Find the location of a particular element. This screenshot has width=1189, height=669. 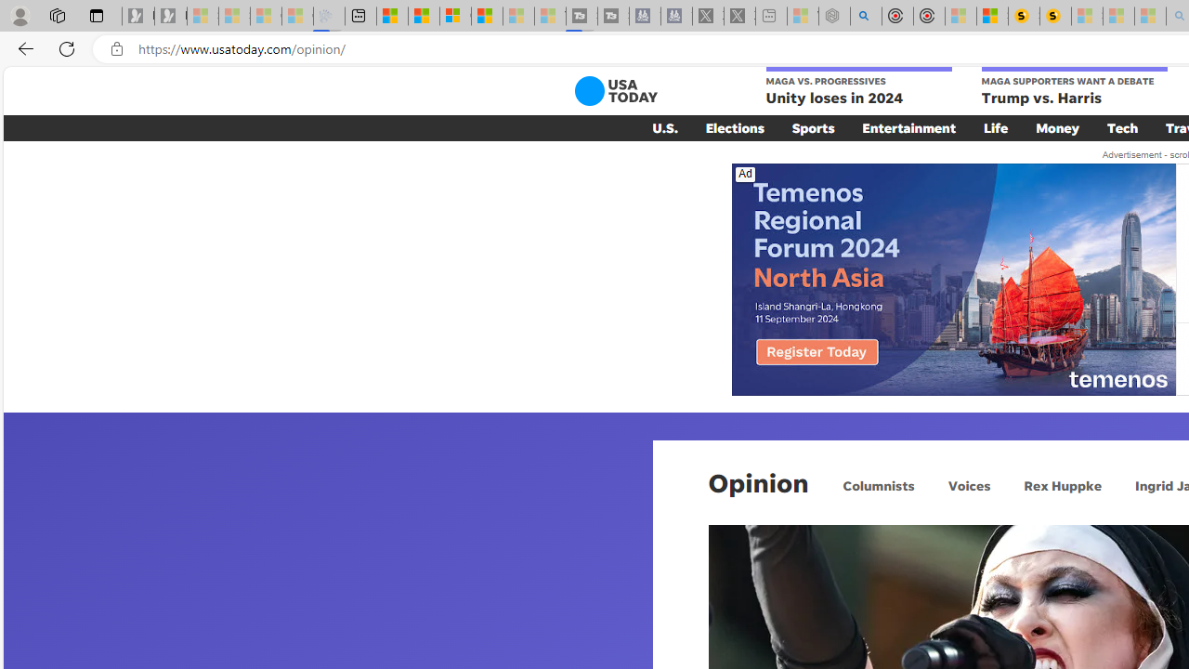

'Columnists' is located at coordinates (877, 484).